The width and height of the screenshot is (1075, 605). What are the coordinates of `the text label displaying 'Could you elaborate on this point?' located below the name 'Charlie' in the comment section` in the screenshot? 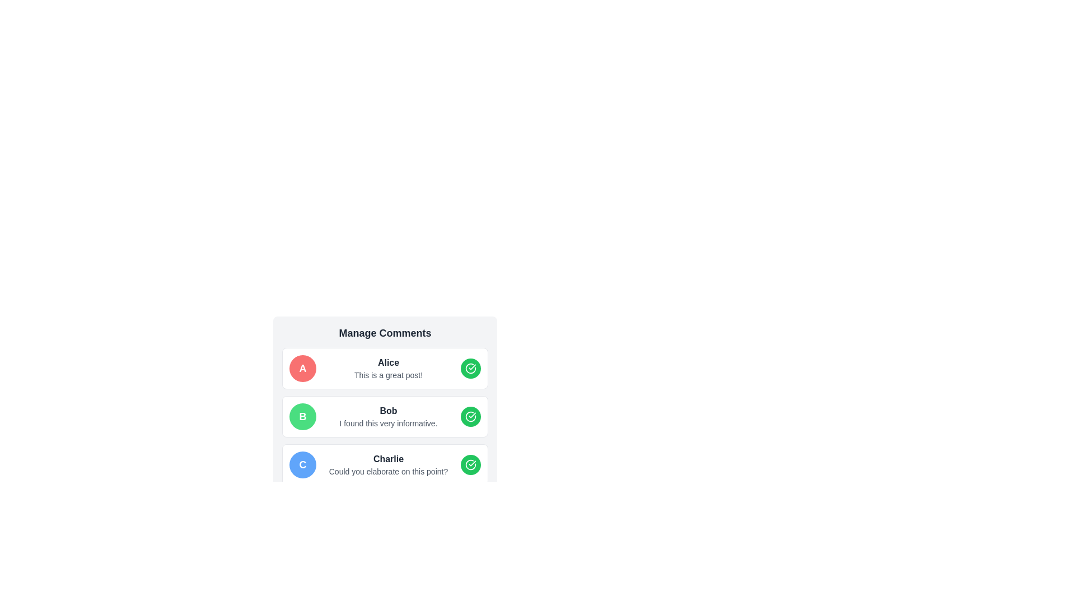 It's located at (389, 471).